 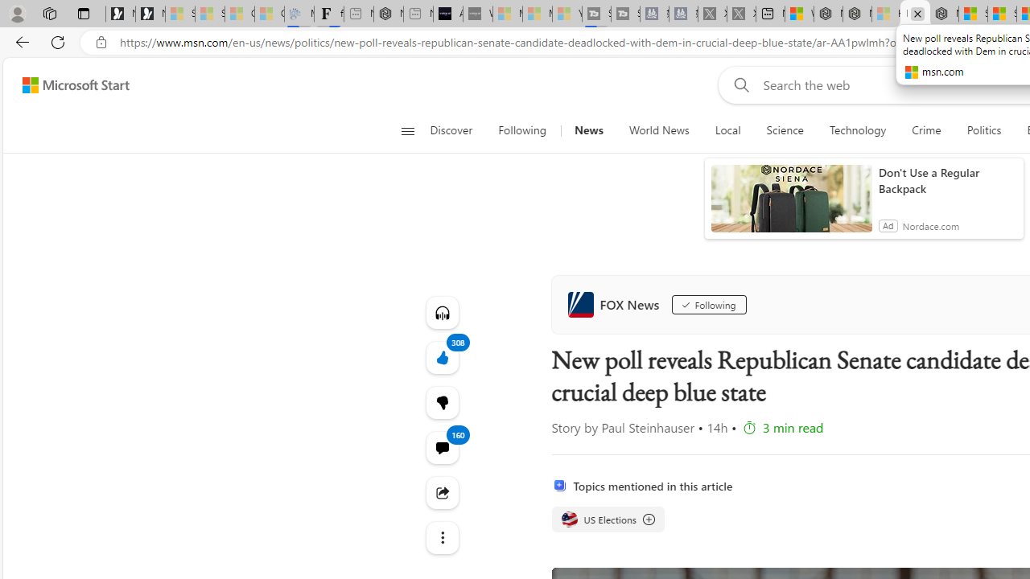 I want to click on 'US Elections', so click(x=569, y=519).